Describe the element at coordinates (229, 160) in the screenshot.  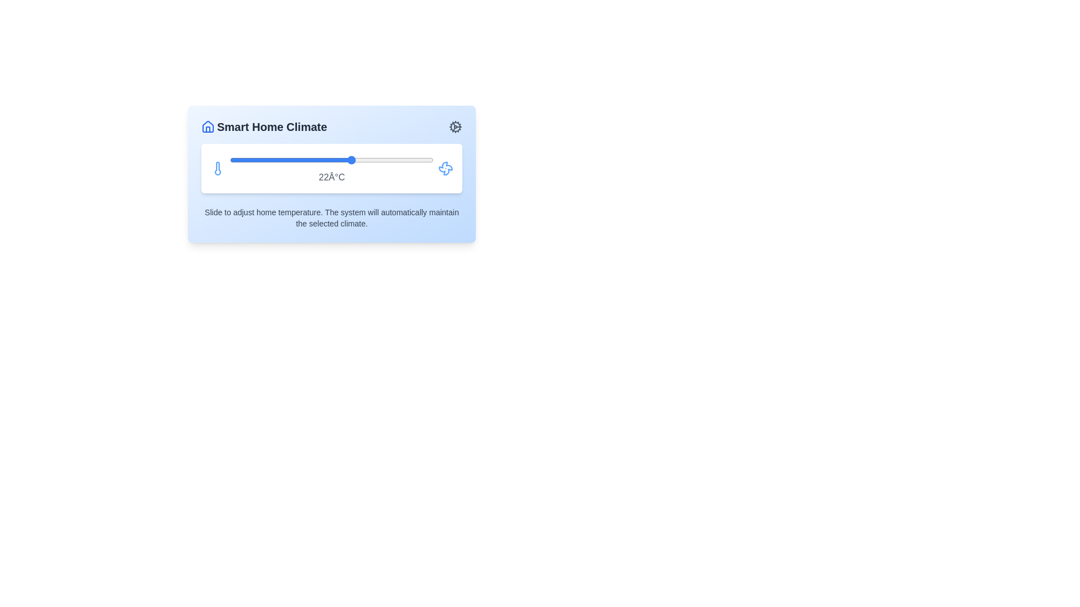
I see `the temperature to 10°C using the slider` at that location.